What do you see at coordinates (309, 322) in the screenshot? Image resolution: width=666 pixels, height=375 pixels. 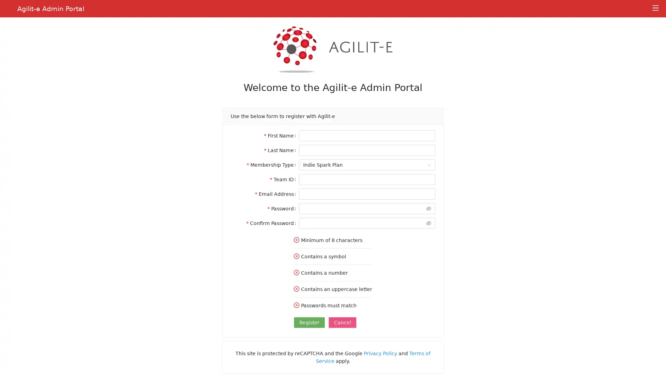 I see `Register` at bounding box center [309, 322].